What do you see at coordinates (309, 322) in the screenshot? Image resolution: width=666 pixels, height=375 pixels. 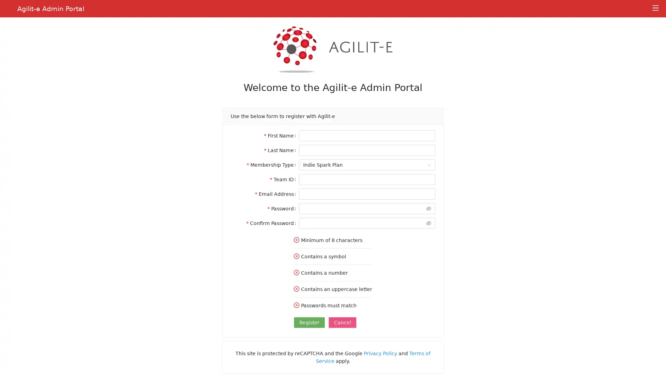 I see `Register` at bounding box center [309, 322].